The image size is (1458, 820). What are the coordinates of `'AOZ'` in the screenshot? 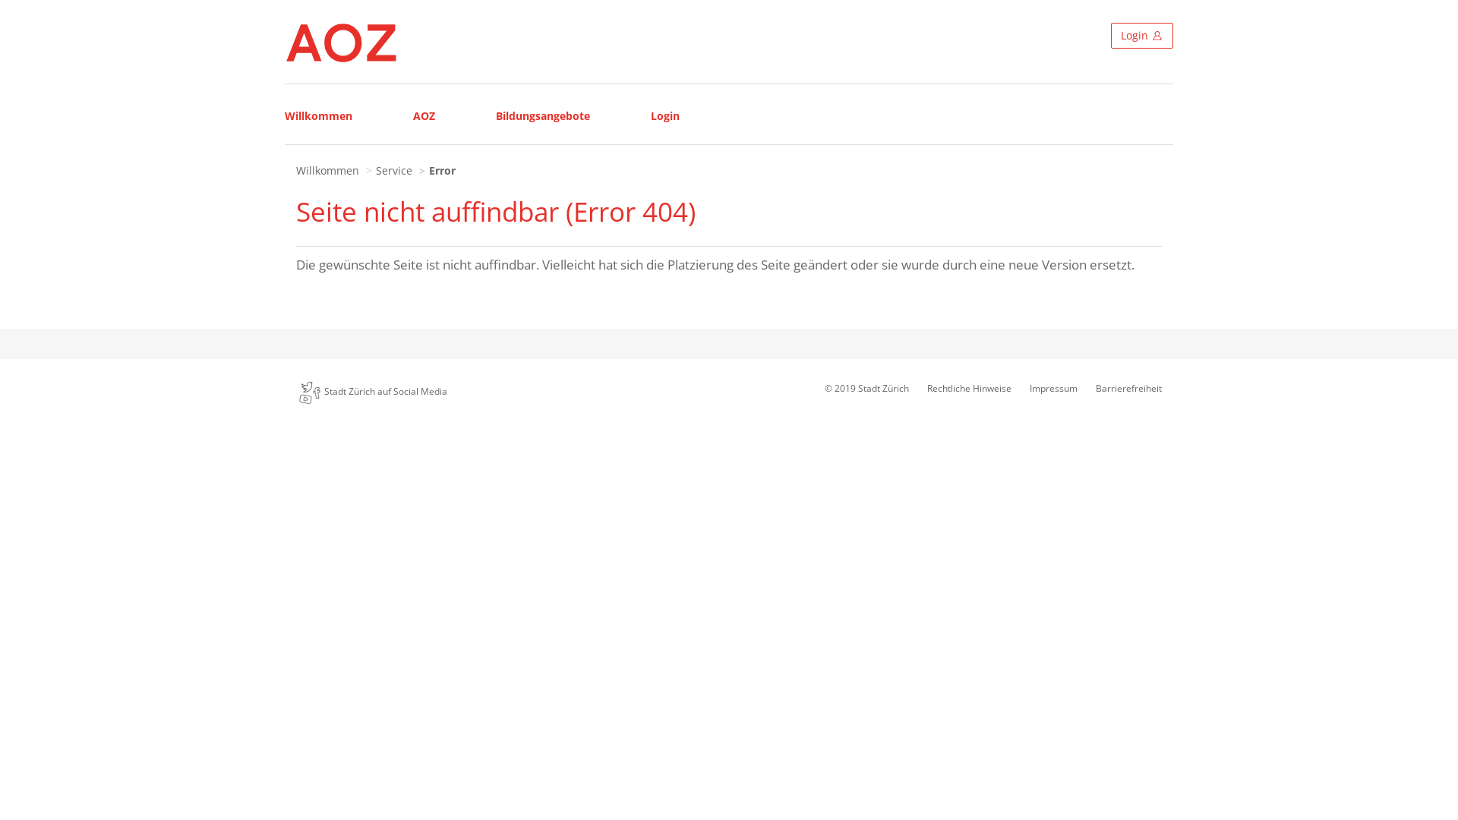 It's located at (424, 113).